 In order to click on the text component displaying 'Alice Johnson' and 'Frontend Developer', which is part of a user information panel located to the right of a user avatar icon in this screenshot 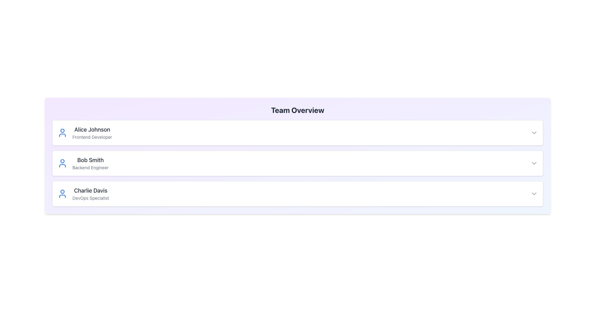, I will do `click(92, 133)`.